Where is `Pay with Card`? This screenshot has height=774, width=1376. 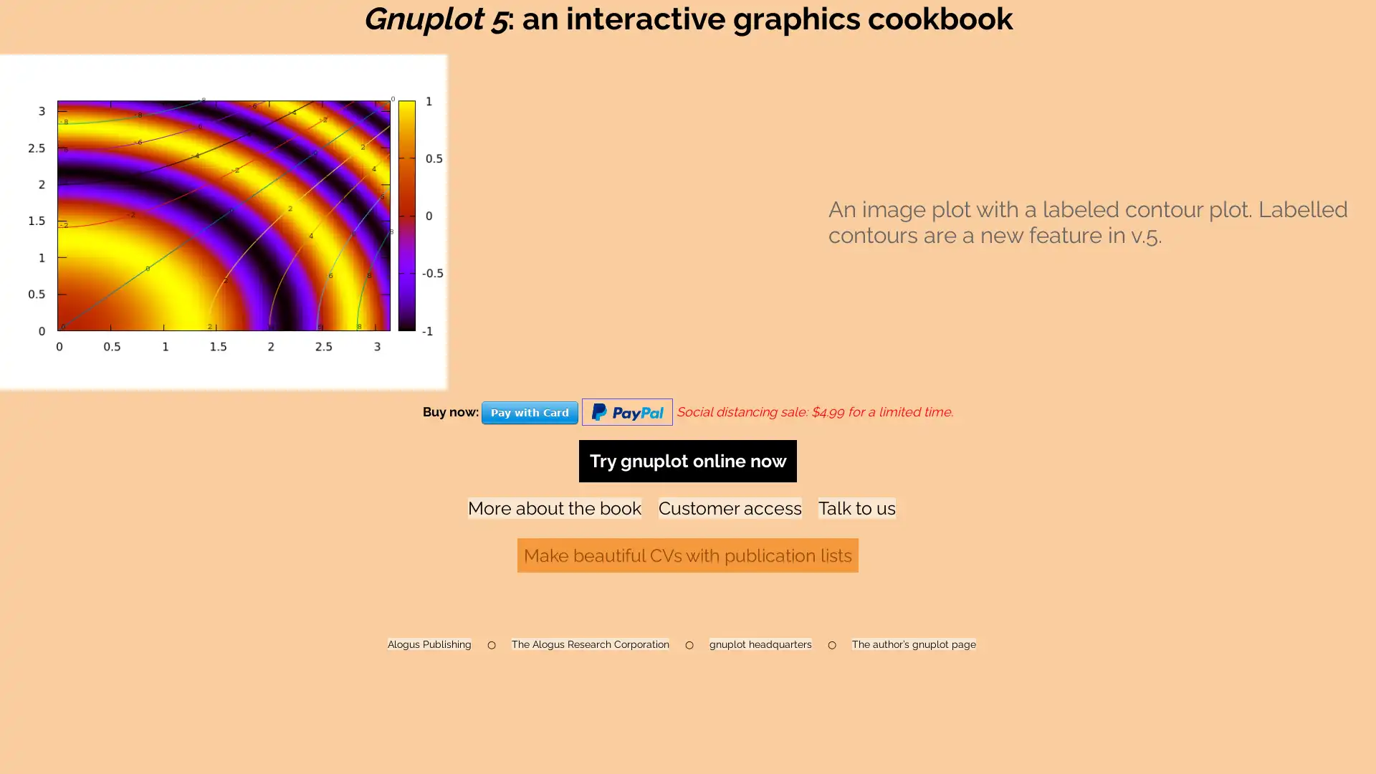 Pay with Card is located at coordinates (529, 412).